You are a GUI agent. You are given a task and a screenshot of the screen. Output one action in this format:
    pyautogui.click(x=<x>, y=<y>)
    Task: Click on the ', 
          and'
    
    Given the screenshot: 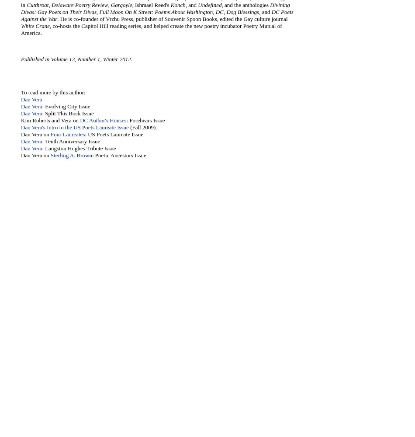 What is the action you would take?
    pyautogui.click(x=191, y=5)
    